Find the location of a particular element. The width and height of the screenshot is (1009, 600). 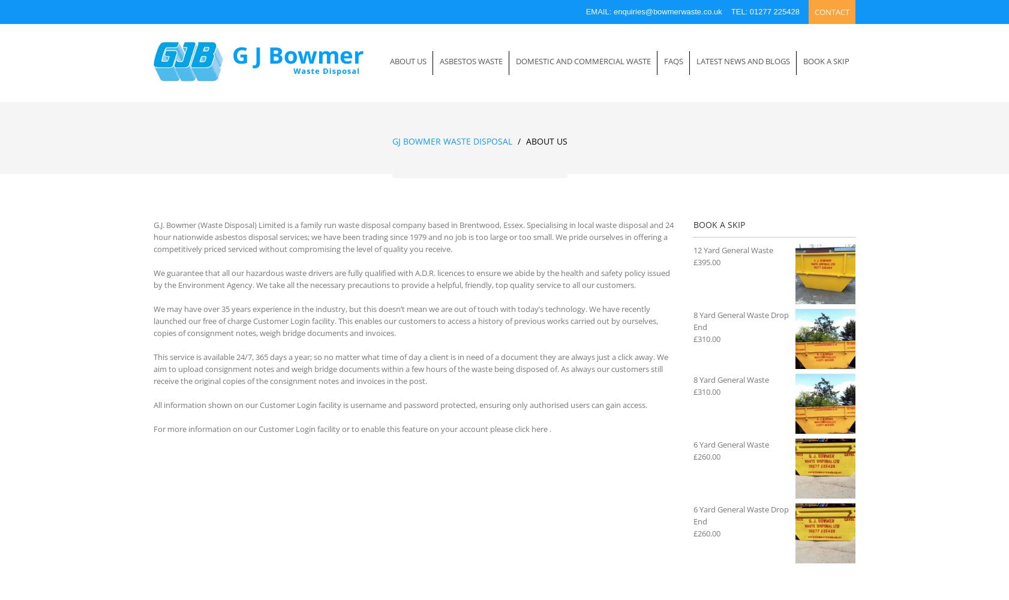

'GJ Bowmer Waste Disposal' is located at coordinates (452, 140).